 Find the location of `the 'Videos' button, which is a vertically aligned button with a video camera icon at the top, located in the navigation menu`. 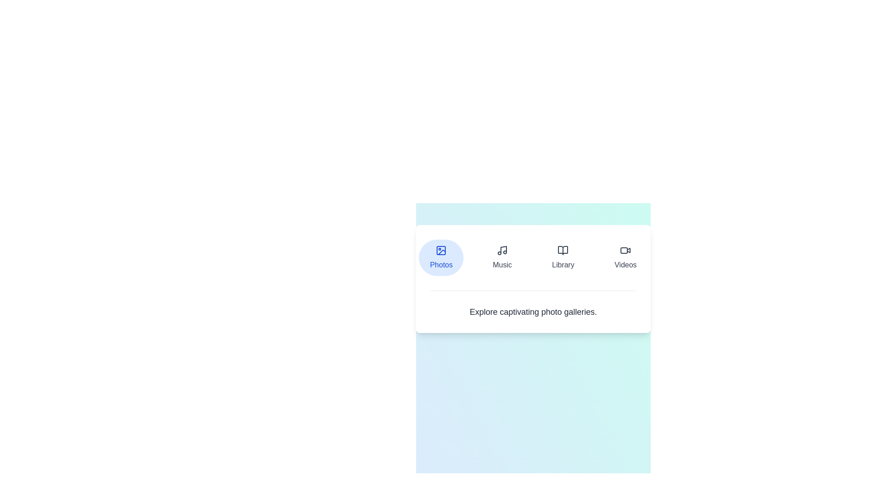

the 'Videos' button, which is a vertically aligned button with a video camera icon at the top, located in the navigation menu is located at coordinates (625, 258).